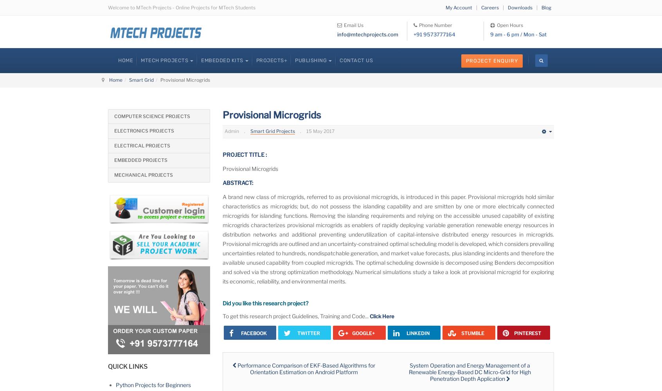 This screenshot has height=391, width=662. I want to click on 'A brand new class of microgrids, referred to as provisional microgrids, is introduced in this paper. Provisional microgrids hold similar characteristics as microgrids; but, do not possess the islanding capability and are smitten by one or more electrically connected microgrids for islanding functions. Removing the islanding requirements and relying on the accessible unused capability of existing microgrids characterizes provisional microgrids as enablers of rapidly deploying variable generation renewable energy resources in distribution networks and additional preventing underutilization of capital-intensive distributed energy resources in microgrids. Provisional microgrids are outlined and an uncertainty-constrained optimal scheduling model is developed, which considers prevailing uncertainties related to hundreds, nondispatchable generation, and market value forecasts, plus islanding incidents and therefore the available unused capability from coupled microgrids. The optimal scheduling downside is decomposed using Benders decomposition and solved via the strong optimization methodology. Numerical simulations study a take a look at provisional microgrid for exploring its economic, reliability, and environmental merits.', so click(388, 239).